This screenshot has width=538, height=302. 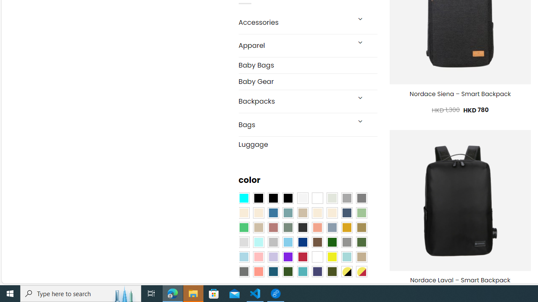 What do you see at coordinates (361, 256) in the screenshot?
I see `'Khaki'` at bounding box center [361, 256].